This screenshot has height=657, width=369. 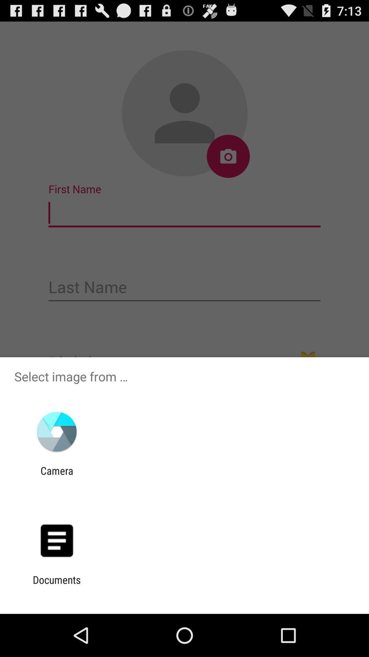 What do you see at coordinates (56, 476) in the screenshot?
I see `the camera` at bounding box center [56, 476].